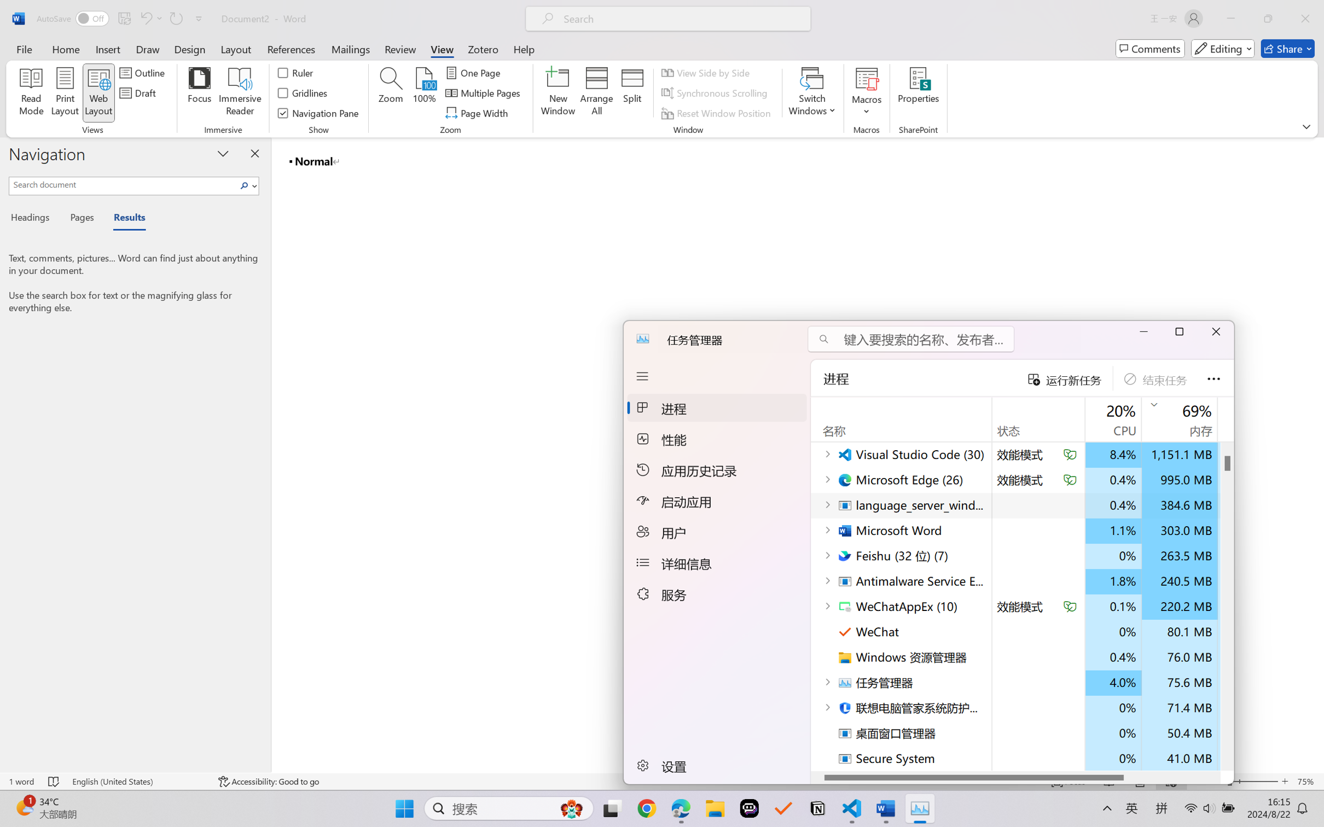 This screenshot has height=827, width=1324. What do you see at coordinates (150, 18) in the screenshot?
I see `'Undo <ApplyStyleToDoc>b__0'` at bounding box center [150, 18].